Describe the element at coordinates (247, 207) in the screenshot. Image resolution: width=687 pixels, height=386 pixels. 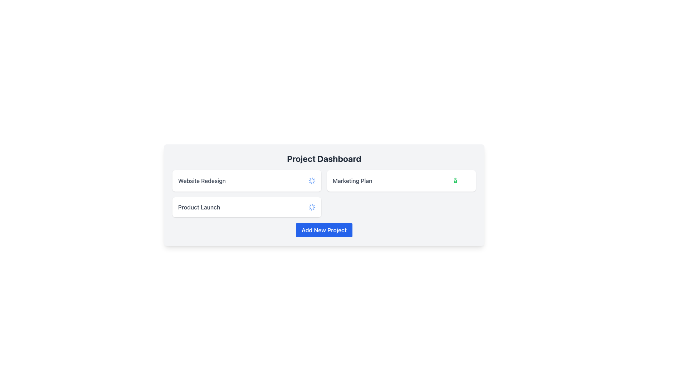
I see `the dashboard card representing the 'Product Launch' project, which is the third item in the list positioned below 'Website Redesign'` at that location.